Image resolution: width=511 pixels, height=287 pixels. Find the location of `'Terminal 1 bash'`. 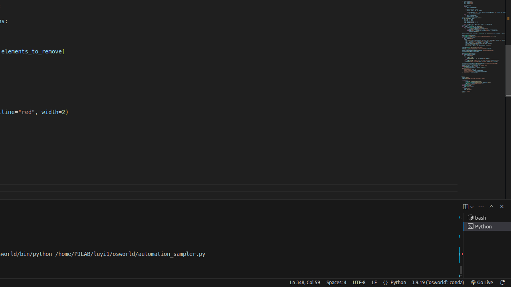

'Terminal 1 bash' is located at coordinates (487, 217).